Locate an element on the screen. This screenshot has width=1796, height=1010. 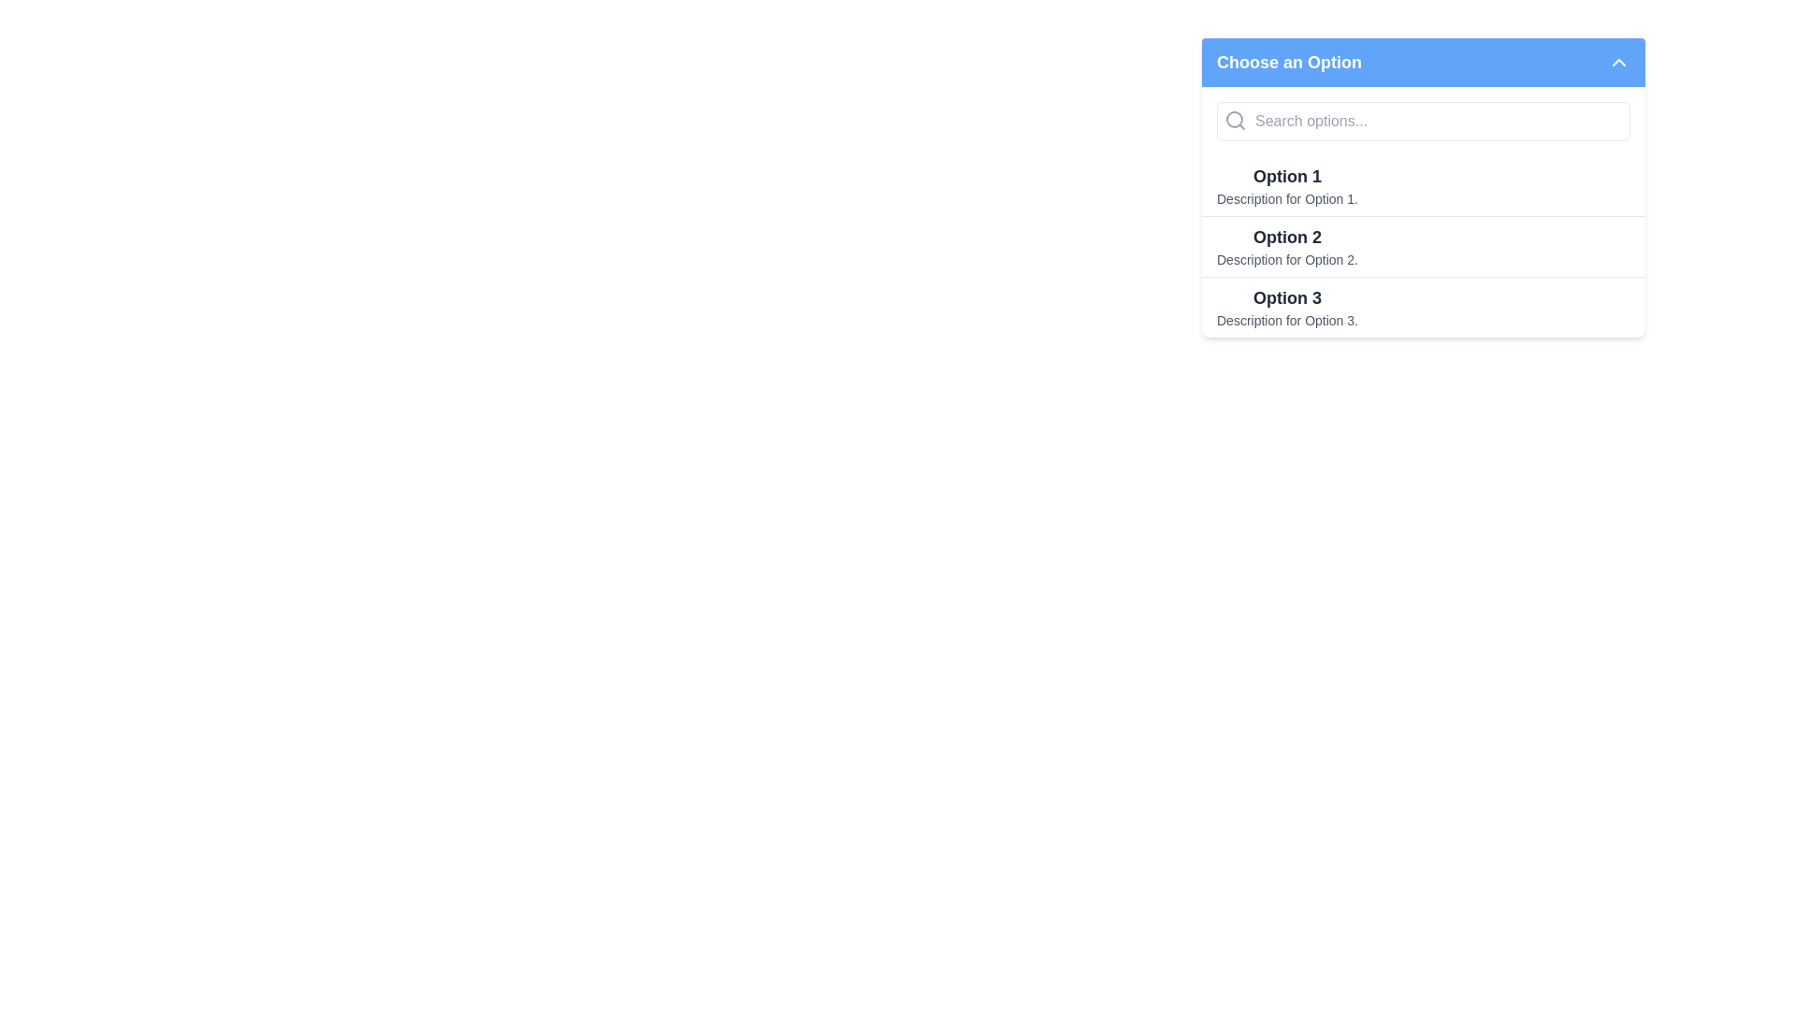
text label that serves as the title for the second option in the dropdown menu, positioned above the description text 'Description for Option 2.' is located at coordinates (1286, 237).